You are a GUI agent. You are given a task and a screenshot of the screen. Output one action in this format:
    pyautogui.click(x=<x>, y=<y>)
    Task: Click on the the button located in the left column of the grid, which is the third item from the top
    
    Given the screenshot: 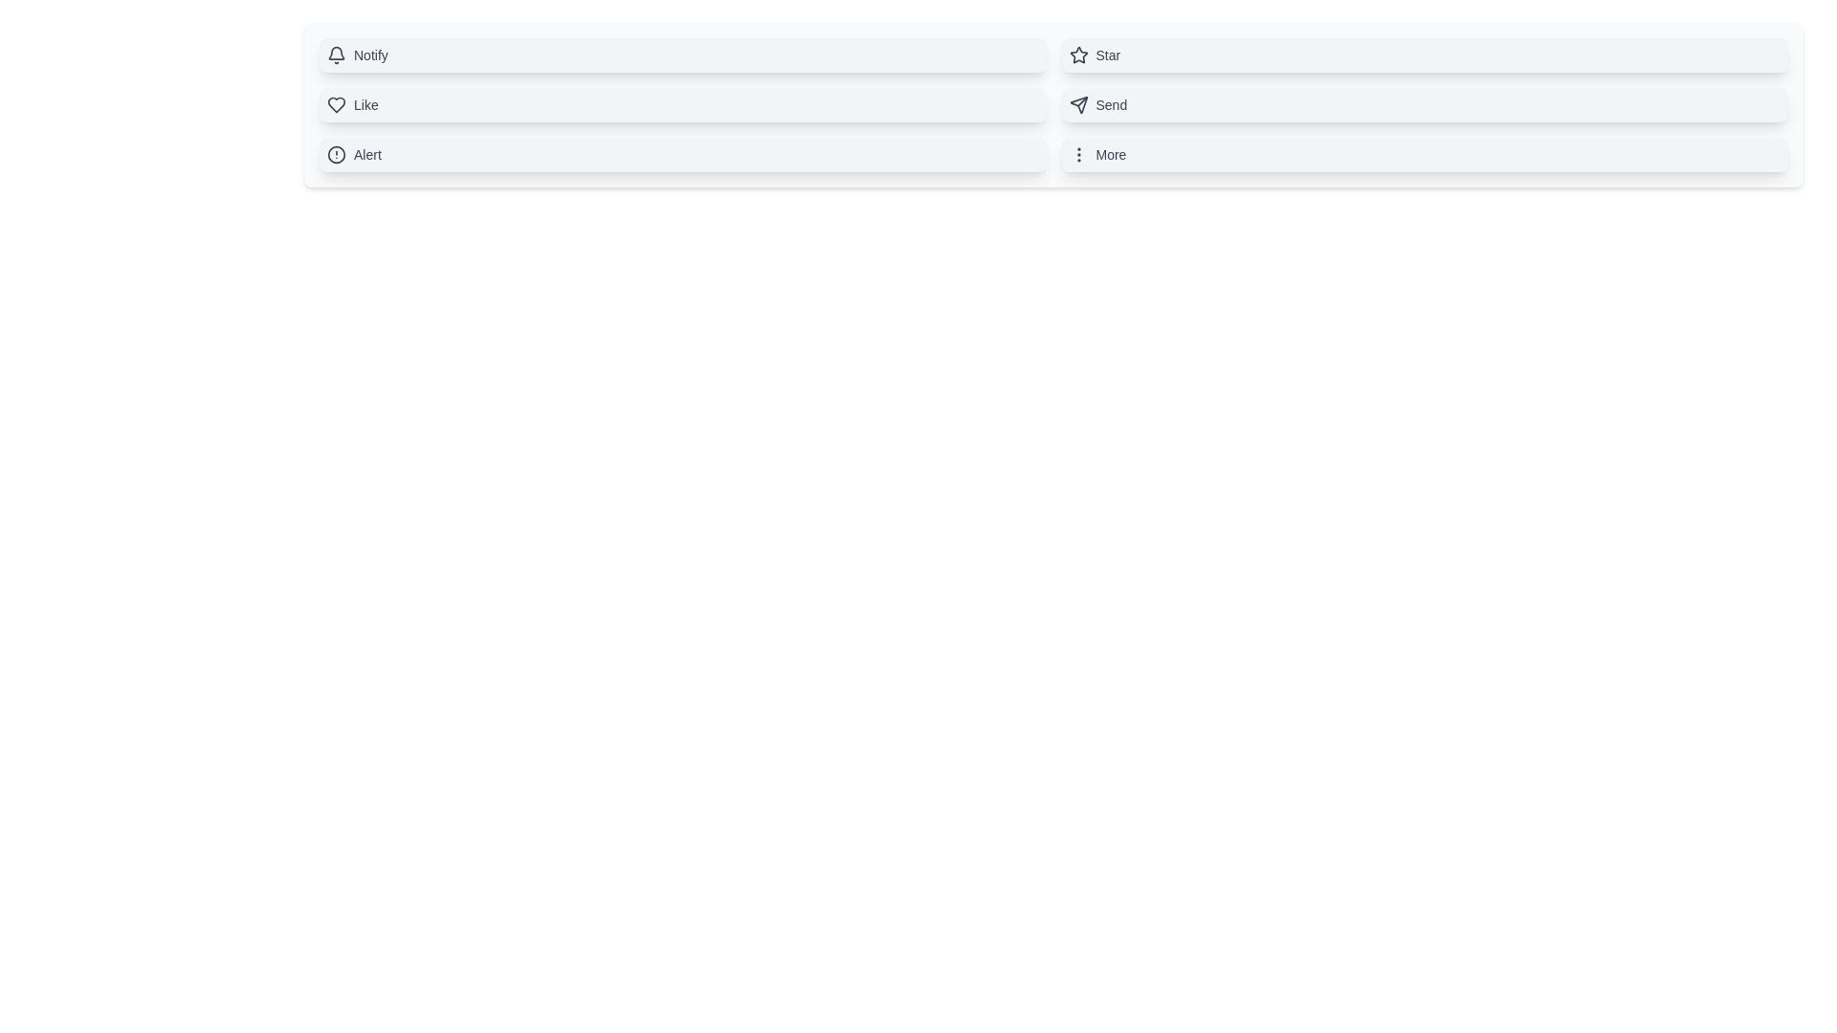 What is the action you would take?
    pyautogui.click(x=682, y=154)
    